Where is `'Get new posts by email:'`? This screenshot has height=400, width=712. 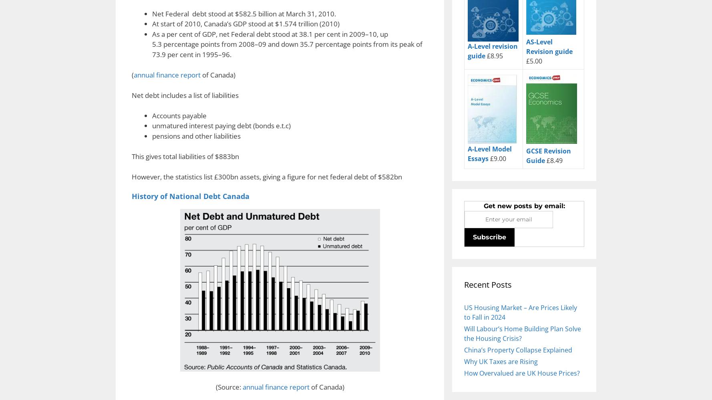
'Get new posts by email:' is located at coordinates (524, 205).